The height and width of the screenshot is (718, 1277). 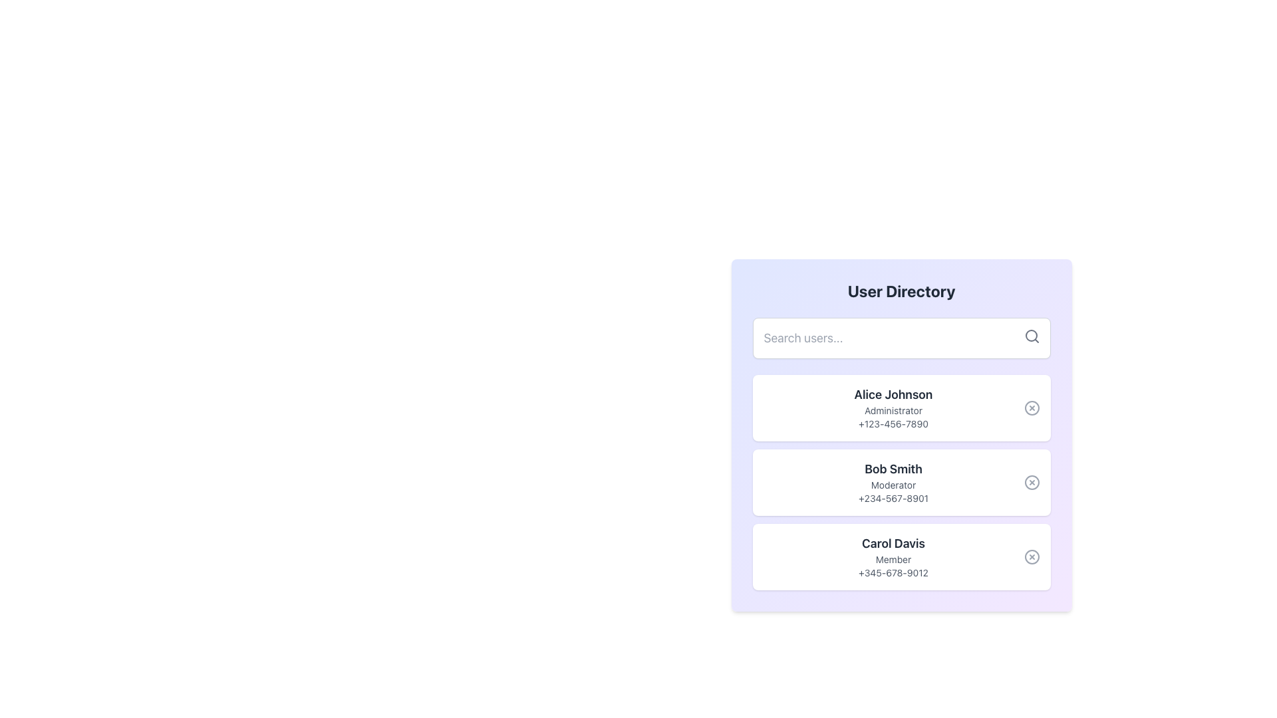 What do you see at coordinates (893, 394) in the screenshot?
I see `the text label displaying 'Alice Johnson', which is prominently styled in bold and dark font within the user information card in the 'User Directory' interface` at bounding box center [893, 394].